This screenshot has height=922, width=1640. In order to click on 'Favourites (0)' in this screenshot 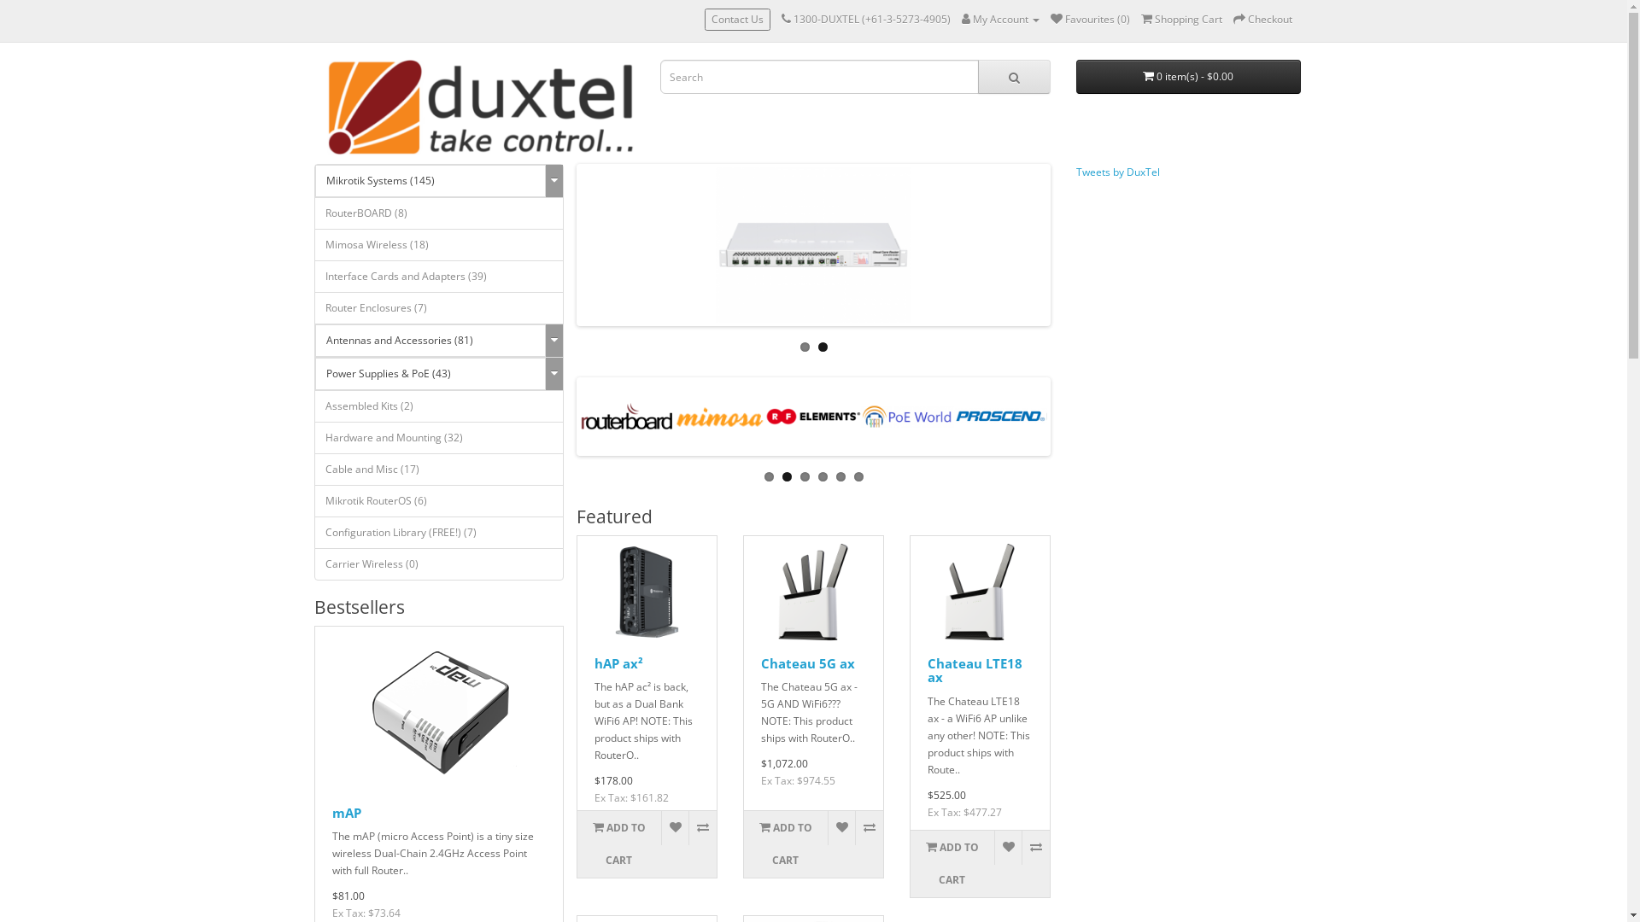, I will do `click(1089, 19)`.